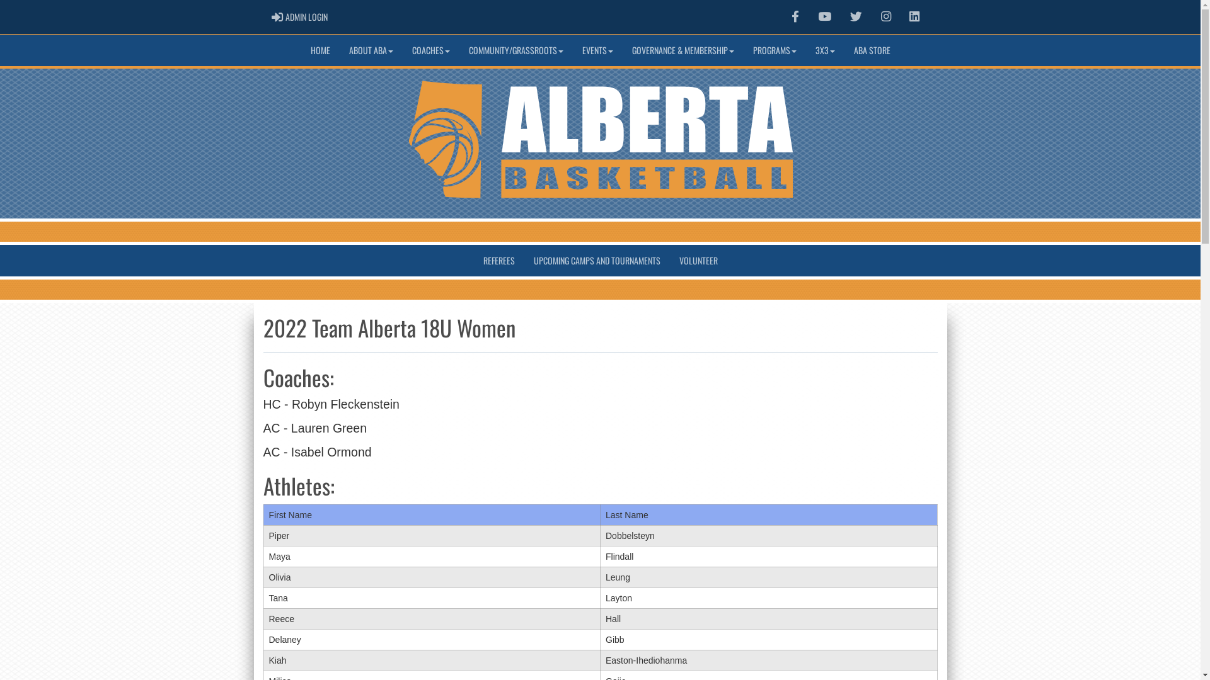  What do you see at coordinates (914, 16) in the screenshot?
I see `'linkedin'` at bounding box center [914, 16].